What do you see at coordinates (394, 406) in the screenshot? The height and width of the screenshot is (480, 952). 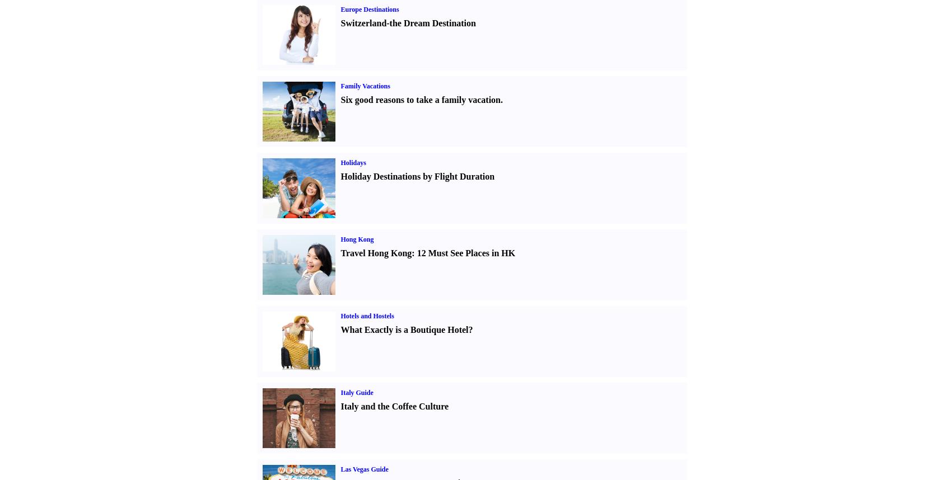 I see `'Italy and the Coffee Culture'` at bounding box center [394, 406].